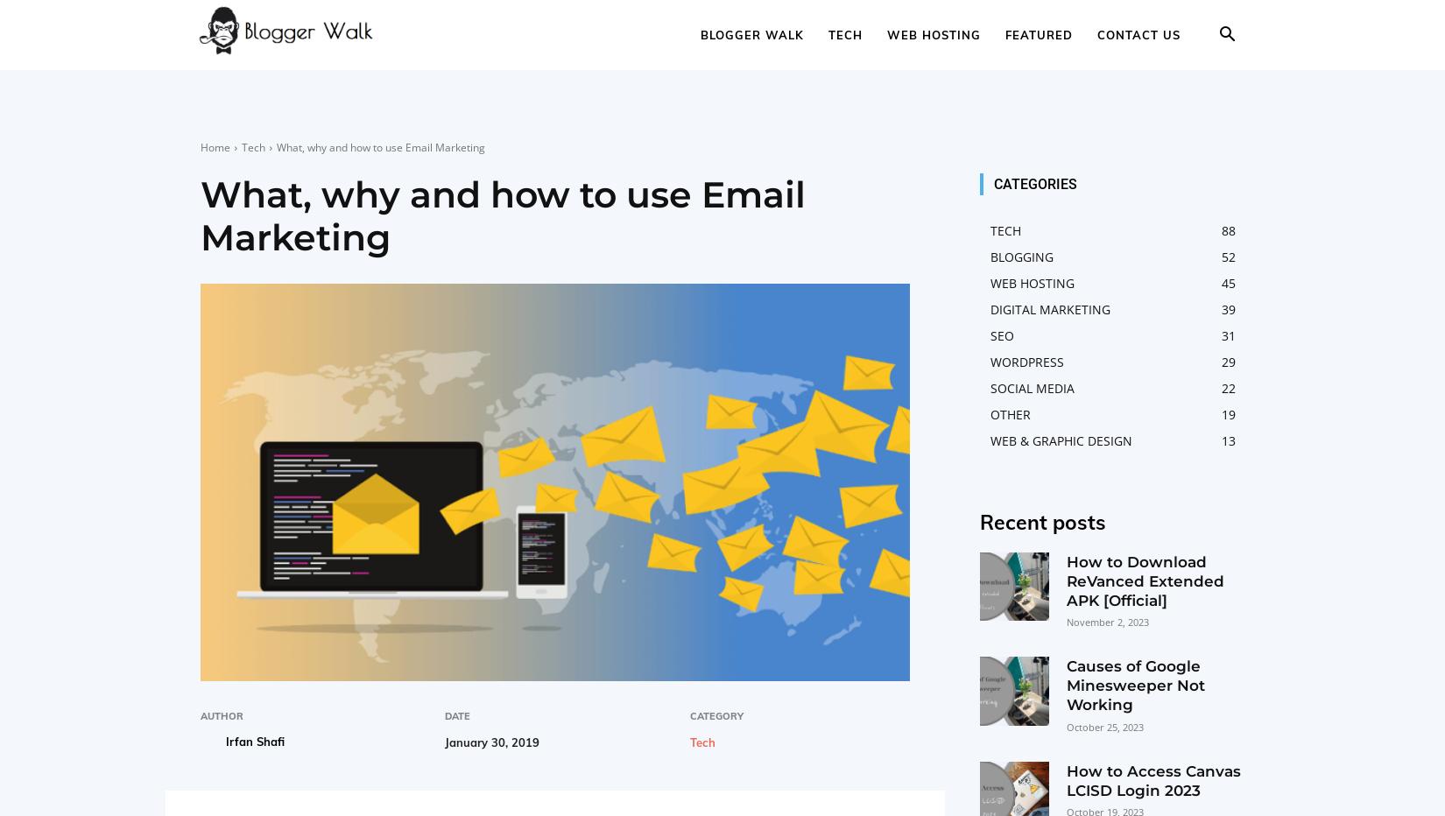 Image resolution: width=1445 pixels, height=816 pixels. Describe the element at coordinates (1061, 440) in the screenshot. I see `'Web & Graphic Design'` at that location.